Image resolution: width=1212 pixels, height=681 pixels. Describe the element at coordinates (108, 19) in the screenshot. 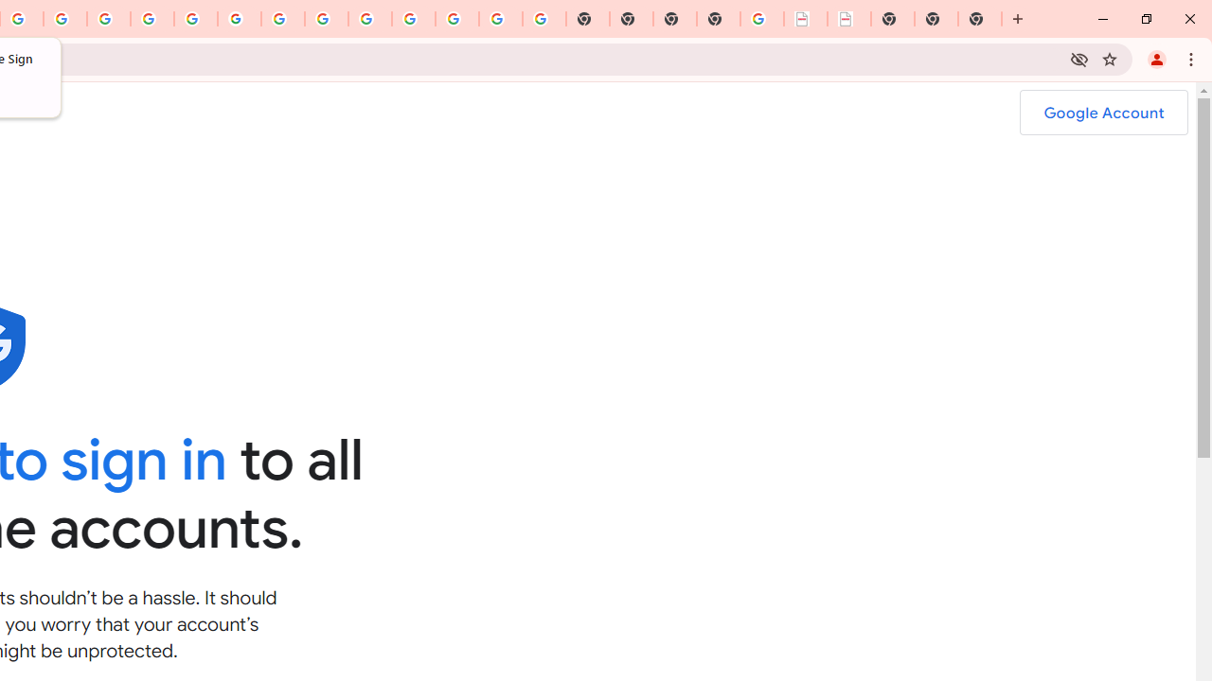

I see `'Privacy Help Center - Policies Help'` at that location.